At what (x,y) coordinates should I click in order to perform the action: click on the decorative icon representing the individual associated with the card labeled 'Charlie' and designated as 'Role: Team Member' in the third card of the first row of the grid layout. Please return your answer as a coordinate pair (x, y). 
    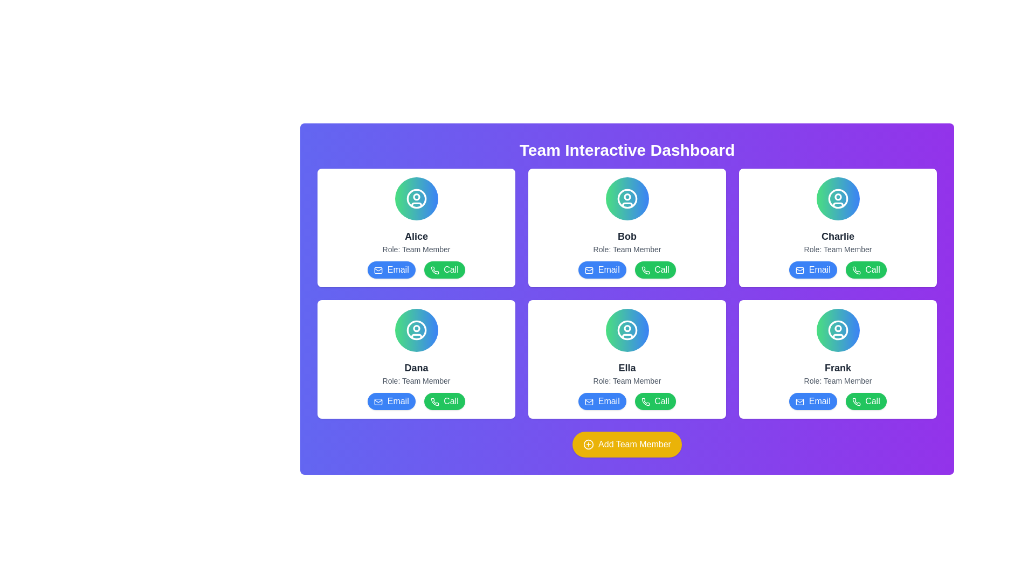
    Looking at the image, I should click on (837, 199).